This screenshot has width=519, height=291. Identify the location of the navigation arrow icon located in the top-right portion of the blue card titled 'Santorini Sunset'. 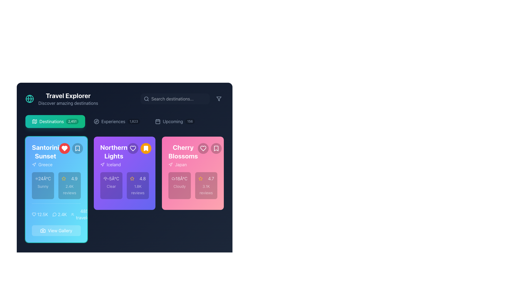
(34, 164).